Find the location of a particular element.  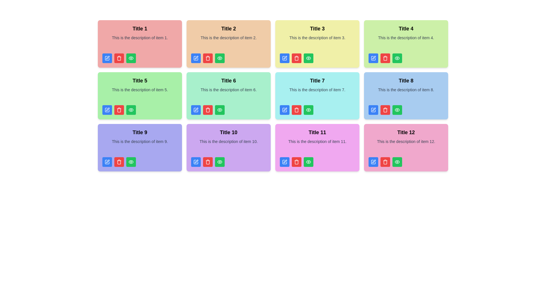

the red delete button with a trash can icon, which is the middle button among three horizontally aligned buttons, to initiate the delete action is located at coordinates (385, 110).